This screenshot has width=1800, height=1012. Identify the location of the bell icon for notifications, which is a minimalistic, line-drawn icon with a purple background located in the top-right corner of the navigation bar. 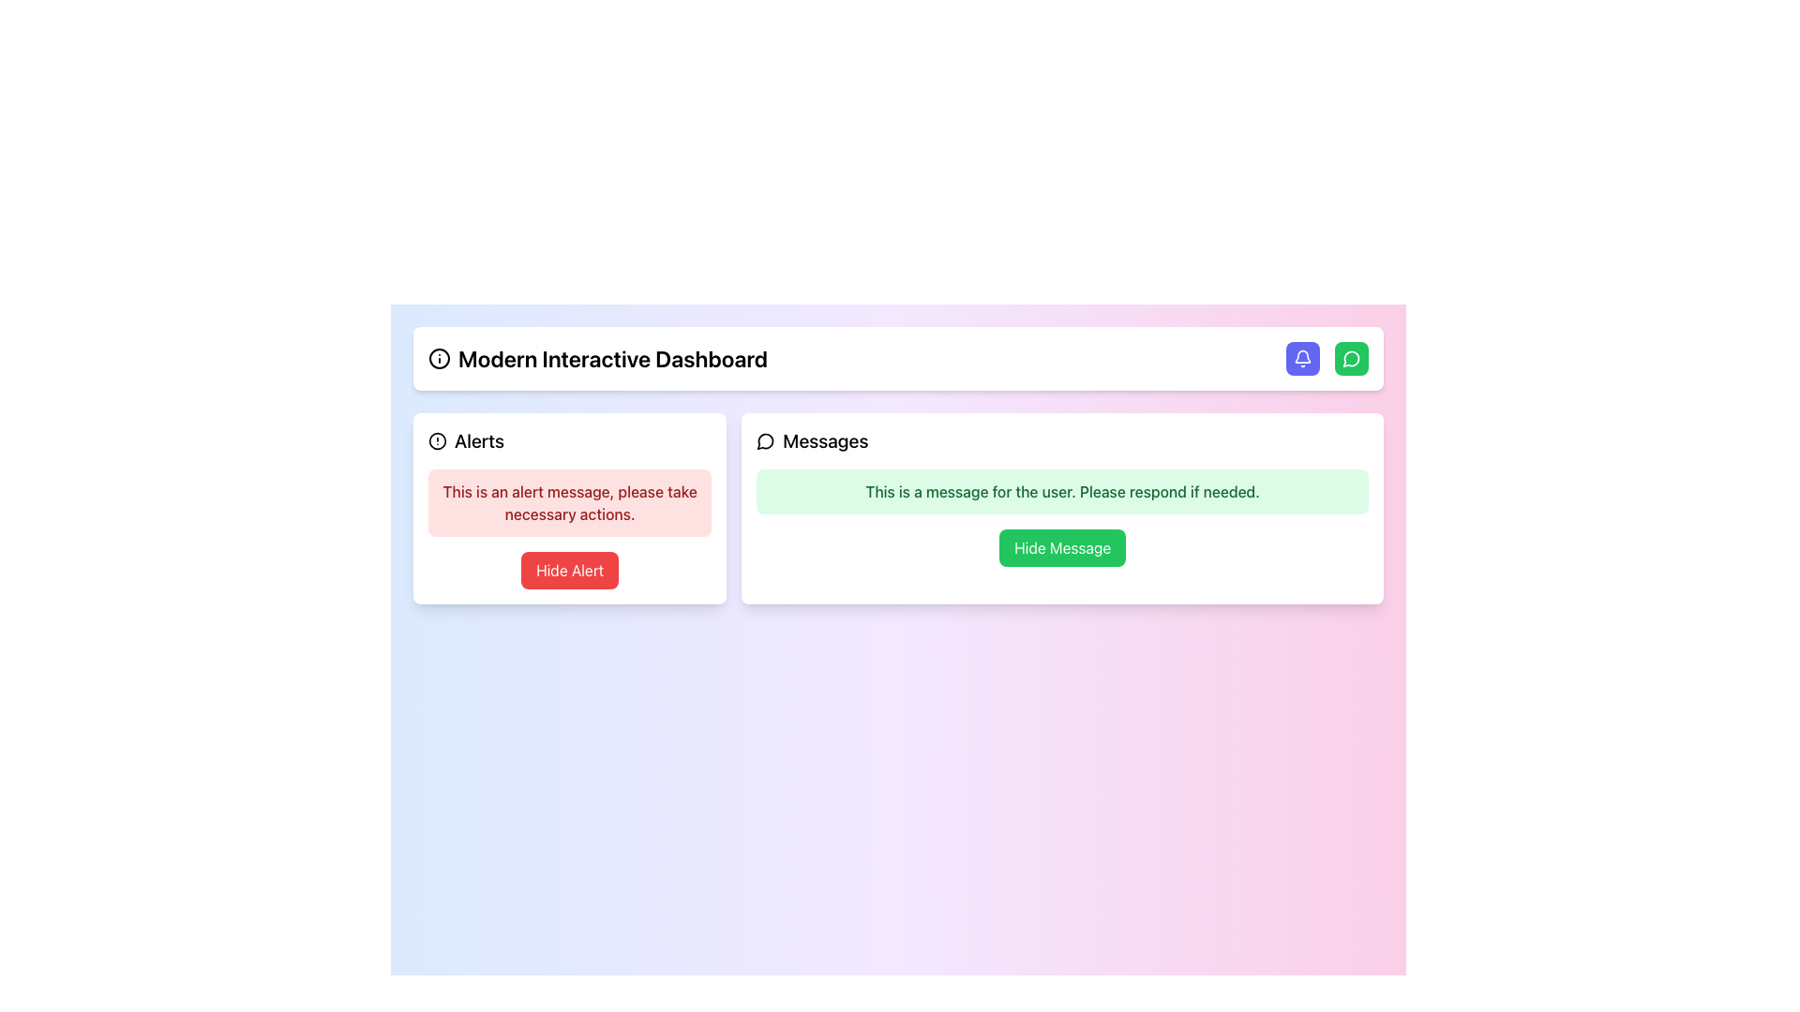
(1302, 358).